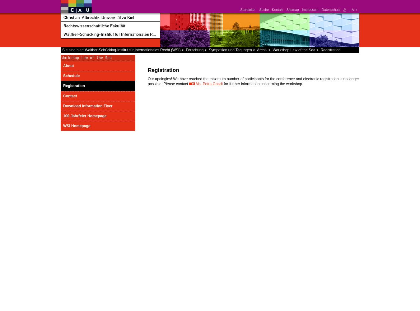  Describe the element at coordinates (209, 84) in the screenshot. I see `'Ms. Petra Gnadt'` at that location.